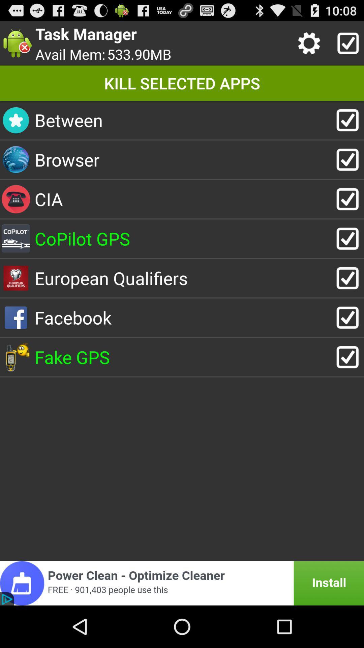  What do you see at coordinates (182, 583) in the screenshot?
I see `advertisement` at bounding box center [182, 583].